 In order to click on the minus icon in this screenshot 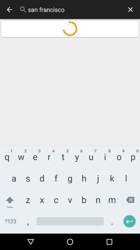, I will do `click(13, 34)`.